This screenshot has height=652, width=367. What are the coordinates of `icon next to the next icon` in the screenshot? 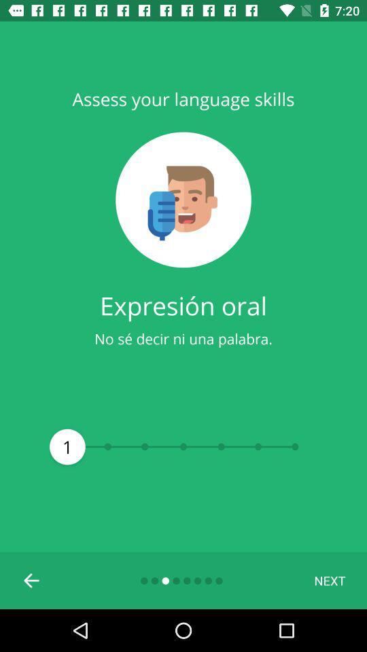 It's located at (32, 579).